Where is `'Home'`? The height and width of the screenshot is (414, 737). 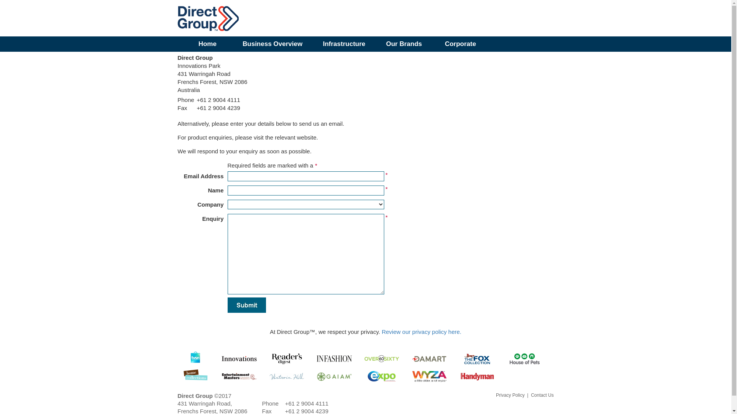 'Home' is located at coordinates (207, 44).